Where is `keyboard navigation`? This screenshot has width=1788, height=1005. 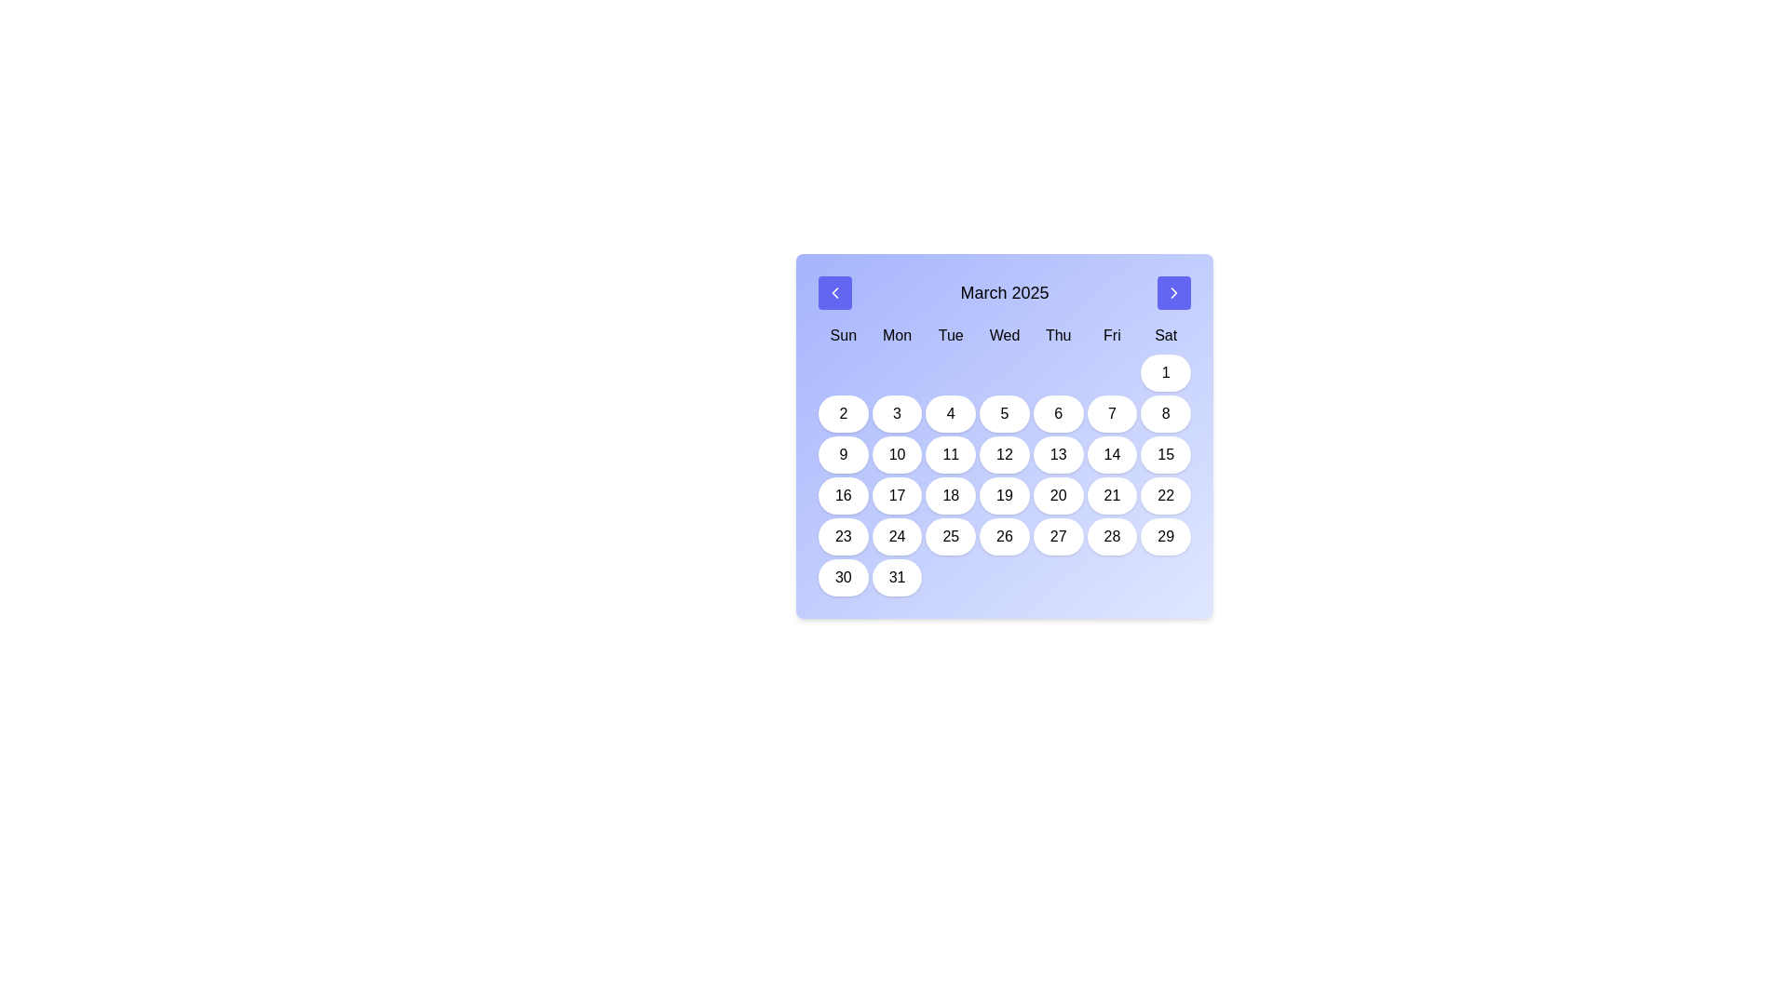 keyboard navigation is located at coordinates (834, 293).